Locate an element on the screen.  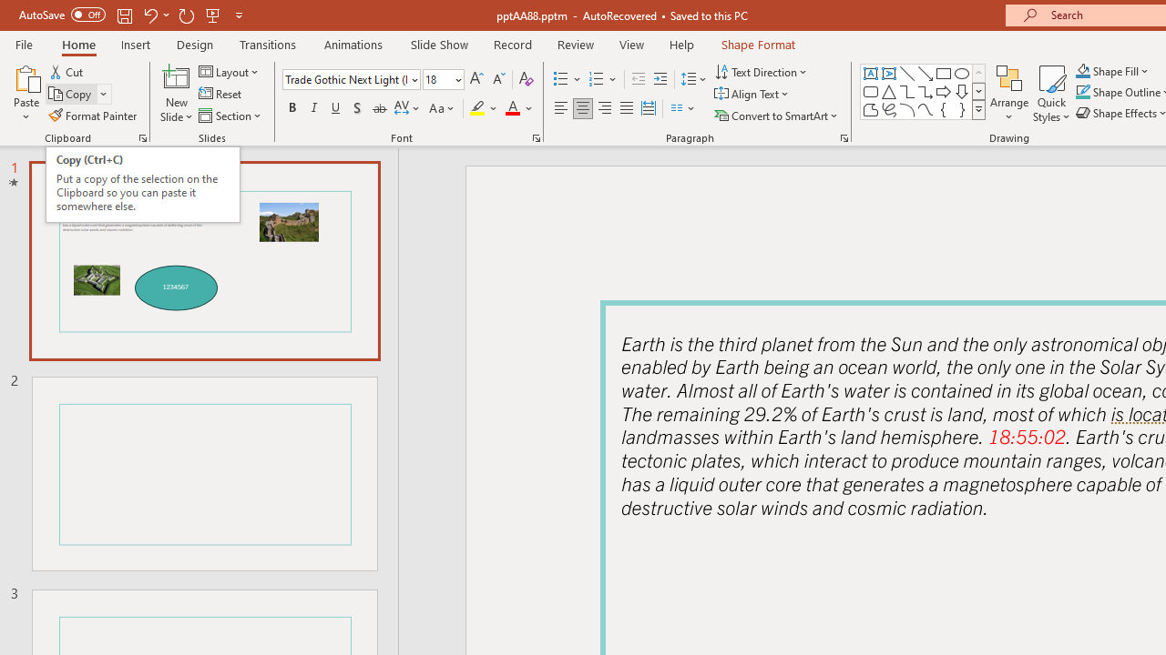
'Shape Fill Aqua, Accent 2' is located at coordinates (1083, 70).